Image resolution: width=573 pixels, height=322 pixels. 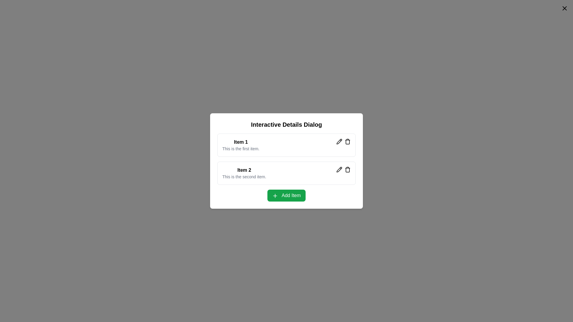 I want to click on the close button icon located in the top-right corner of the 'Interactive Details Dialog' to change its color, so click(x=564, y=8).